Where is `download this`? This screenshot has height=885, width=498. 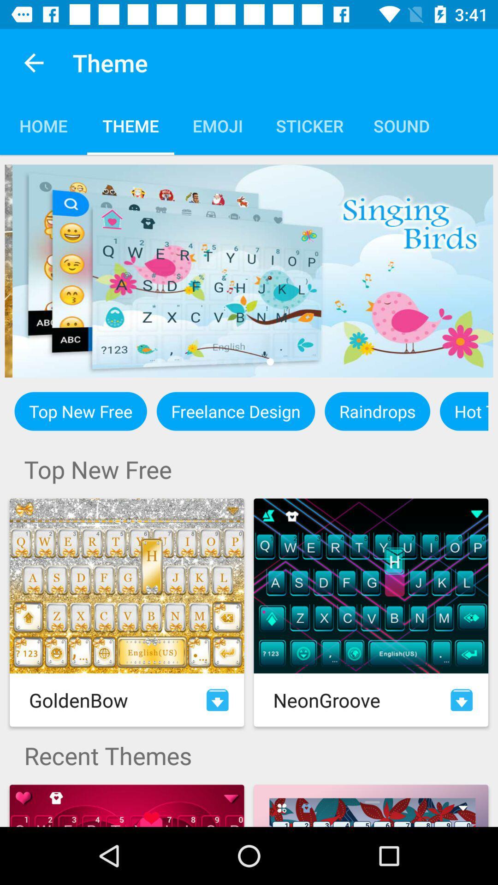
download this is located at coordinates (217, 700).